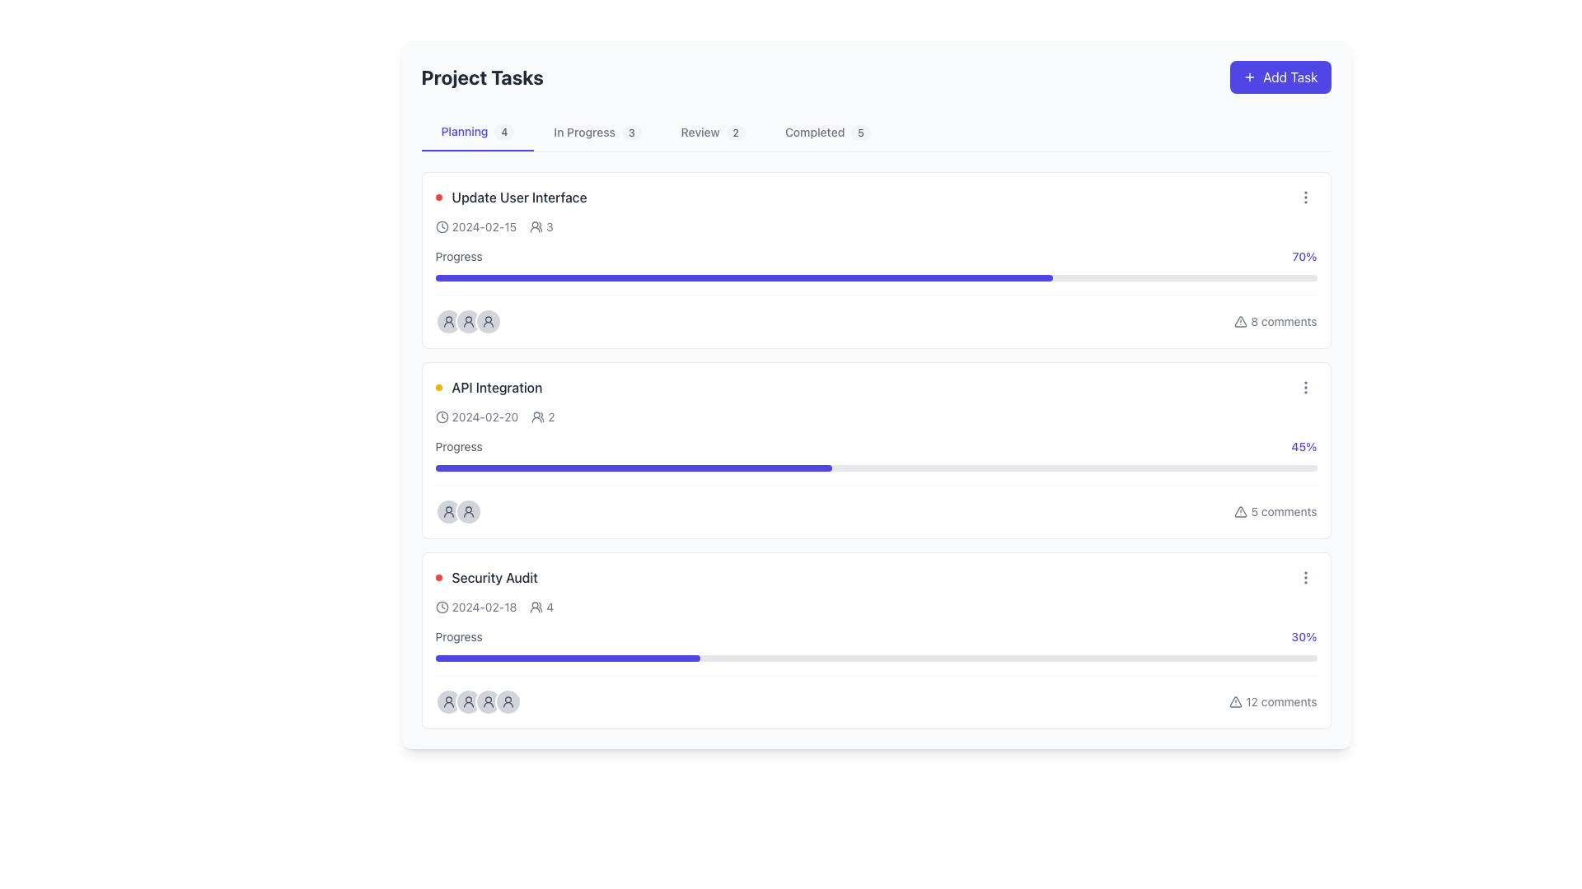  I want to click on the first user profile icon in the cluster located under the progress bar in the 'Security Audit' section, so click(477, 701).